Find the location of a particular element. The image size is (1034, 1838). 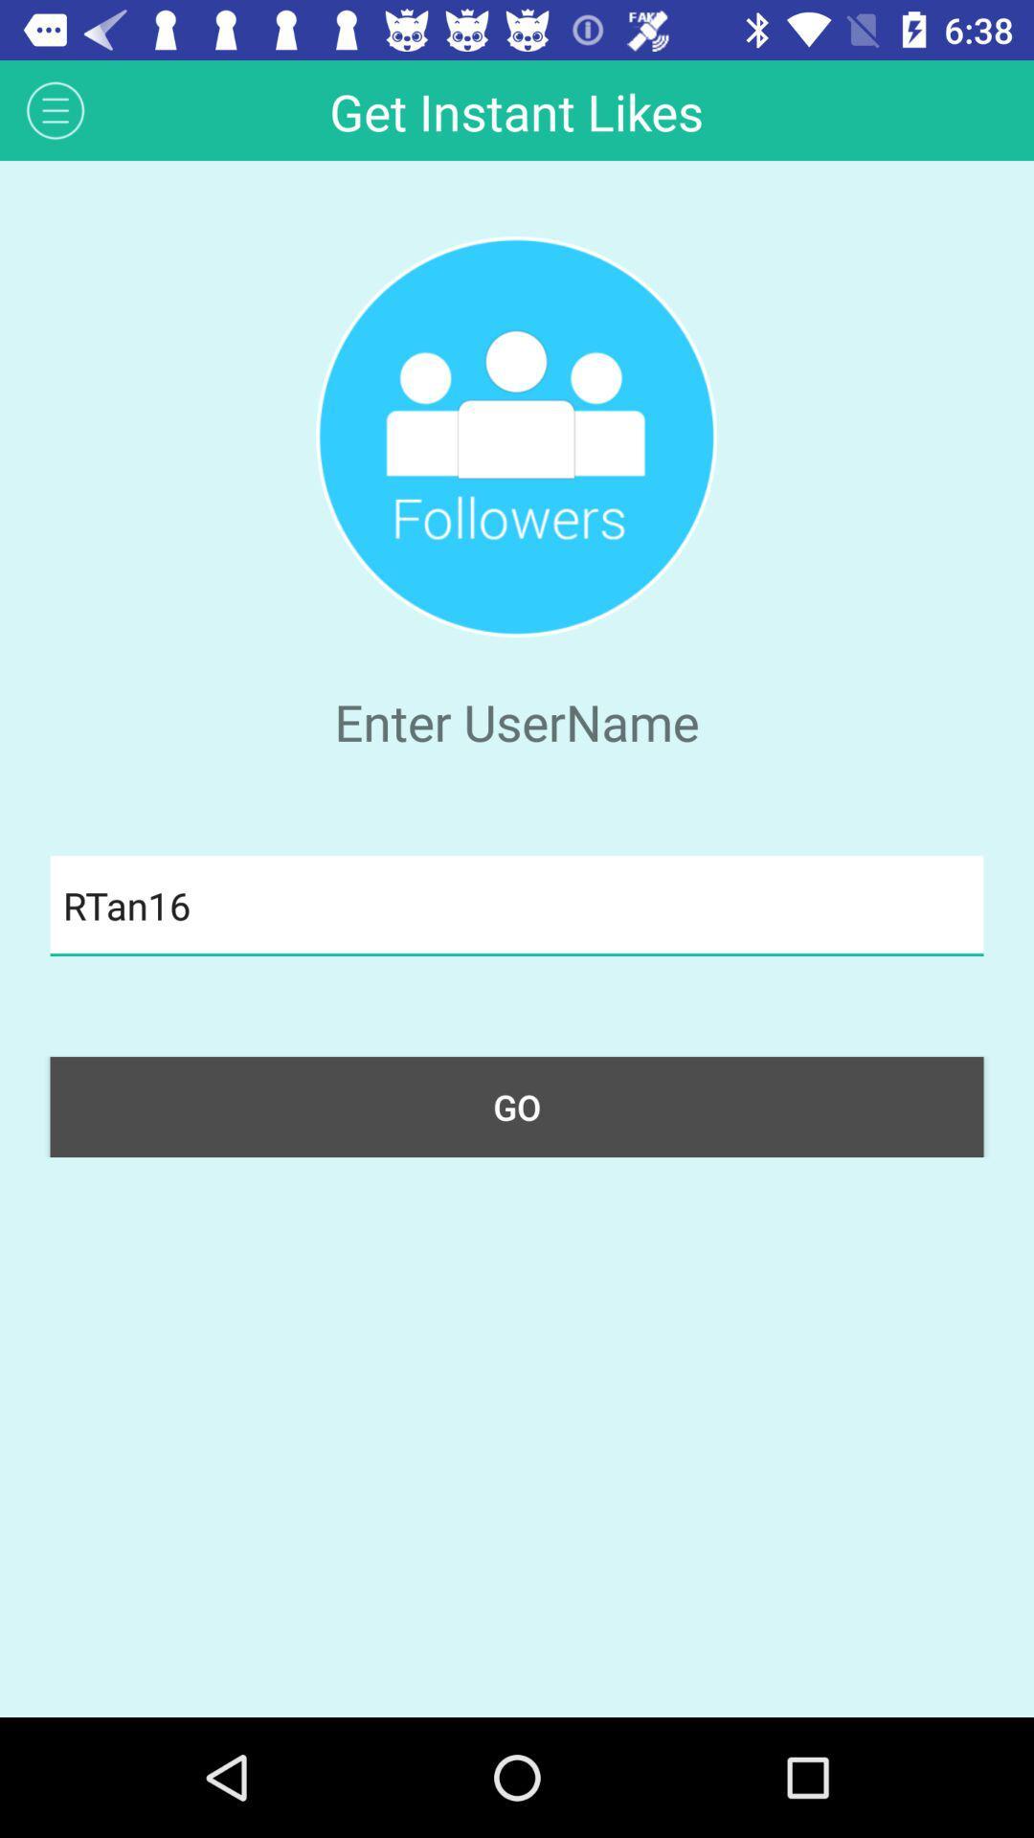

the menu icon is located at coordinates (55, 109).